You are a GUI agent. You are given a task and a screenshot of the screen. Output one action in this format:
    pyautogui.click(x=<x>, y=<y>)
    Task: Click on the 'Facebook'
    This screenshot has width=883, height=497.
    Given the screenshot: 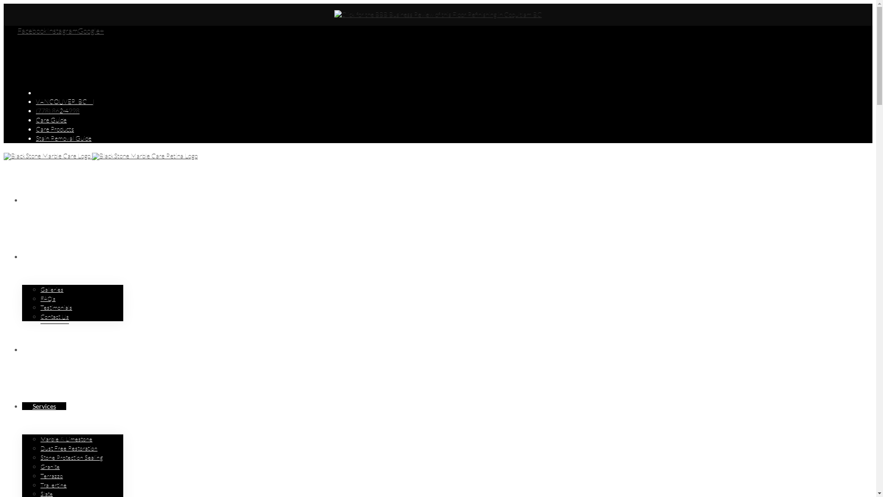 What is the action you would take?
    pyautogui.click(x=32, y=30)
    